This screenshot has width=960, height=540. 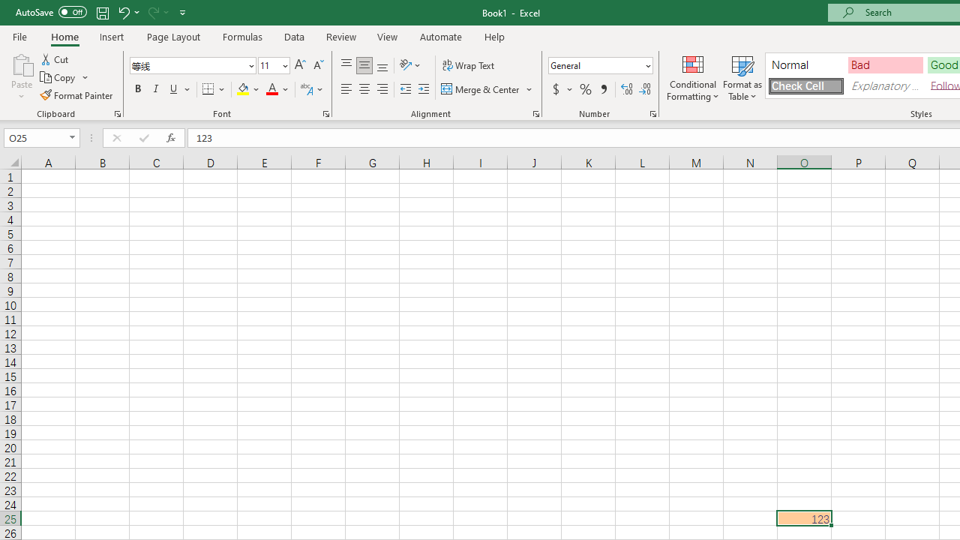 I want to click on 'Copy', so click(x=64, y=77).